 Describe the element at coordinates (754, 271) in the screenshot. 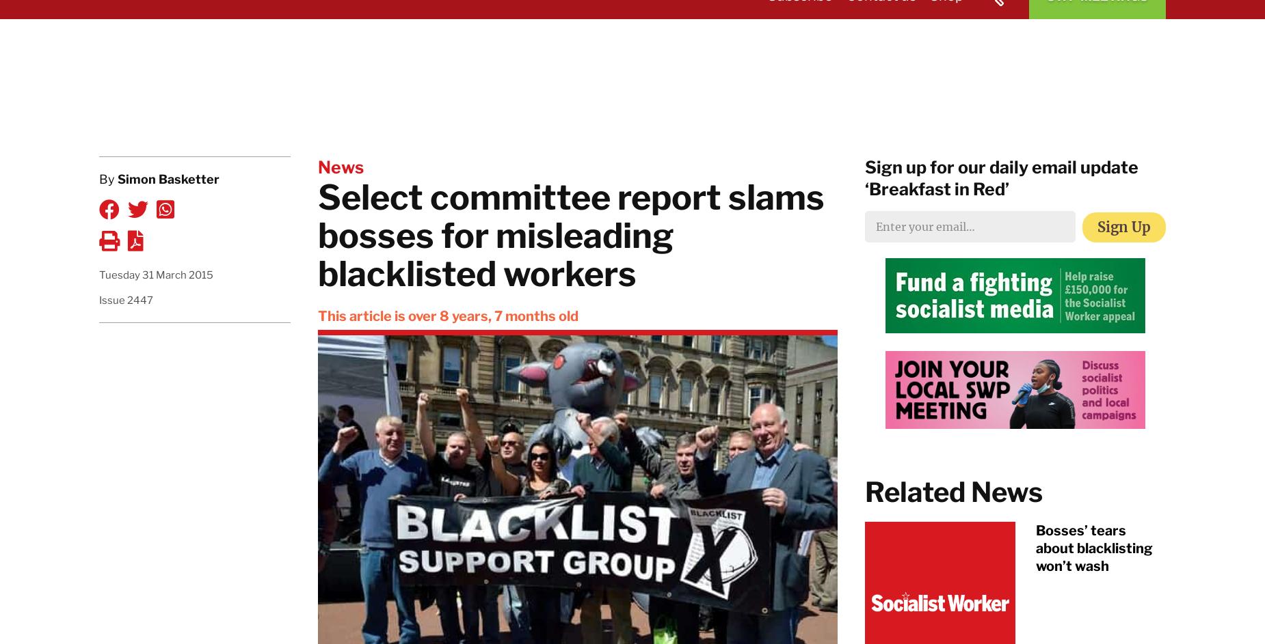

I see `'Socialist Worker issues'` at that location.